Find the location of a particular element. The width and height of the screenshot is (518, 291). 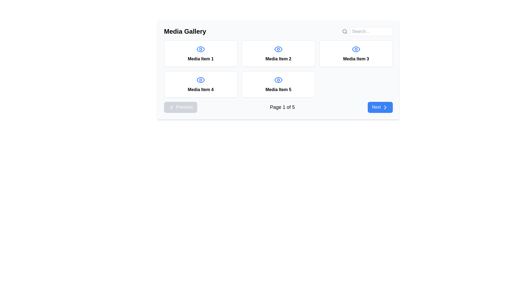

the blue eye icon representing the view feature in the 'Media Item 4' card, located in the second row of the media item grid layout is located at coordinates (200, 80).